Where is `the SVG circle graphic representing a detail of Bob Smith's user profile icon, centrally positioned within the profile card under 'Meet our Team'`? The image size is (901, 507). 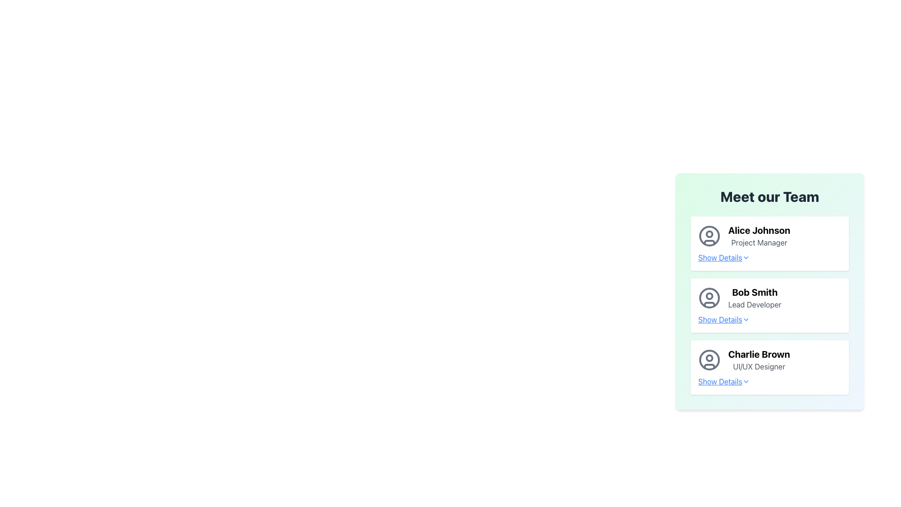
the SVG circle graphic representing a detail of Bob Smith's user profile icon, centrally positioned within the profile card under 'Meet our Team' is located at coordinates (710, 296).